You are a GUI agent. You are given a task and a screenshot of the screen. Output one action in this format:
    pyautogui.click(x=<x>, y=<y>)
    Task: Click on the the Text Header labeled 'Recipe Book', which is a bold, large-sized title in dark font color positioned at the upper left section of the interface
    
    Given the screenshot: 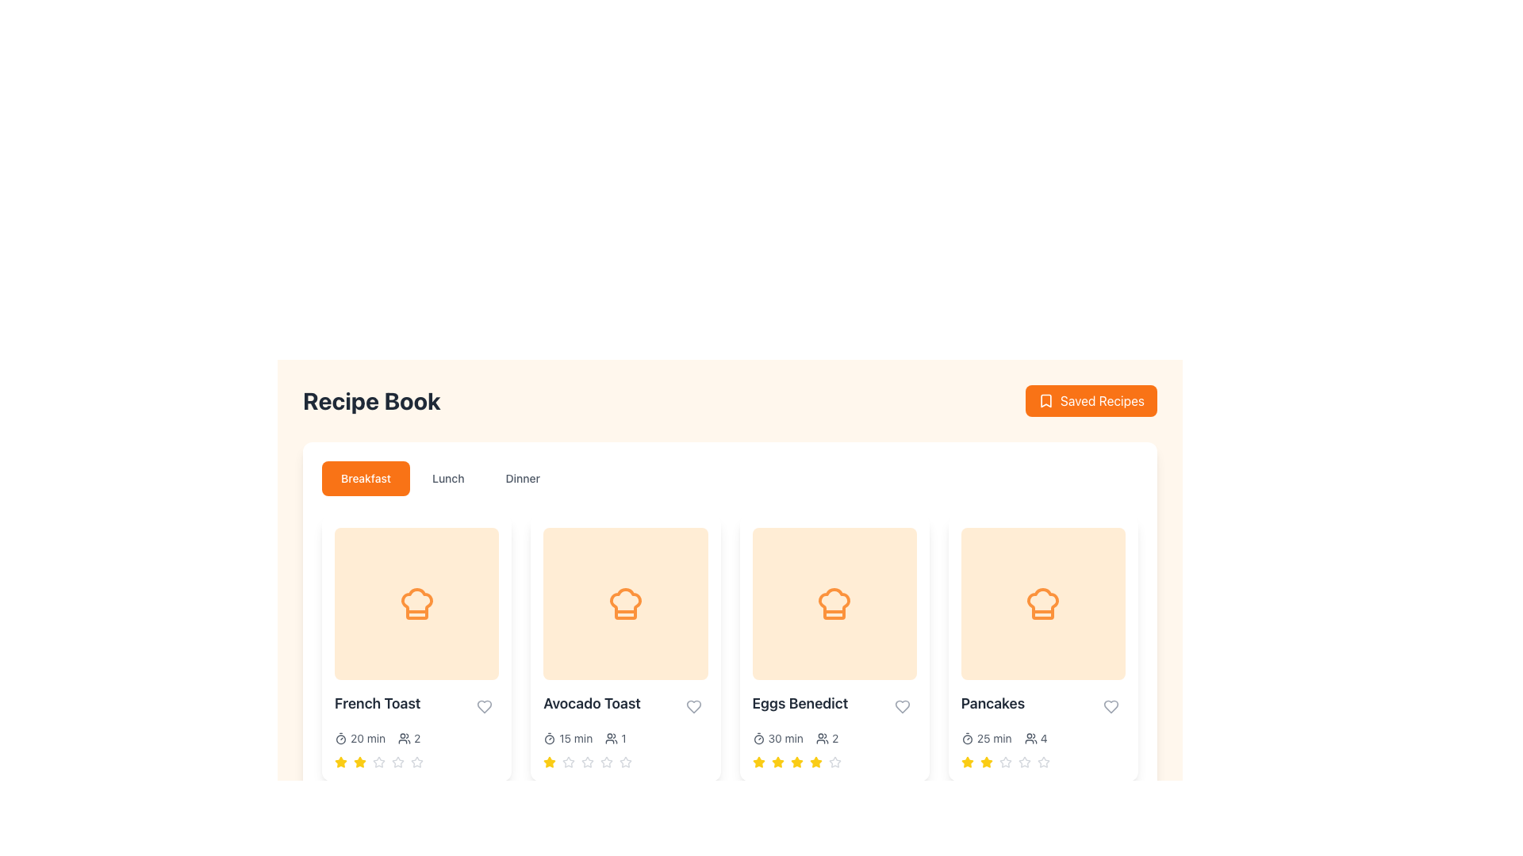 What is the action you would take?
    pyautogui.click(x=370, y=399)
    